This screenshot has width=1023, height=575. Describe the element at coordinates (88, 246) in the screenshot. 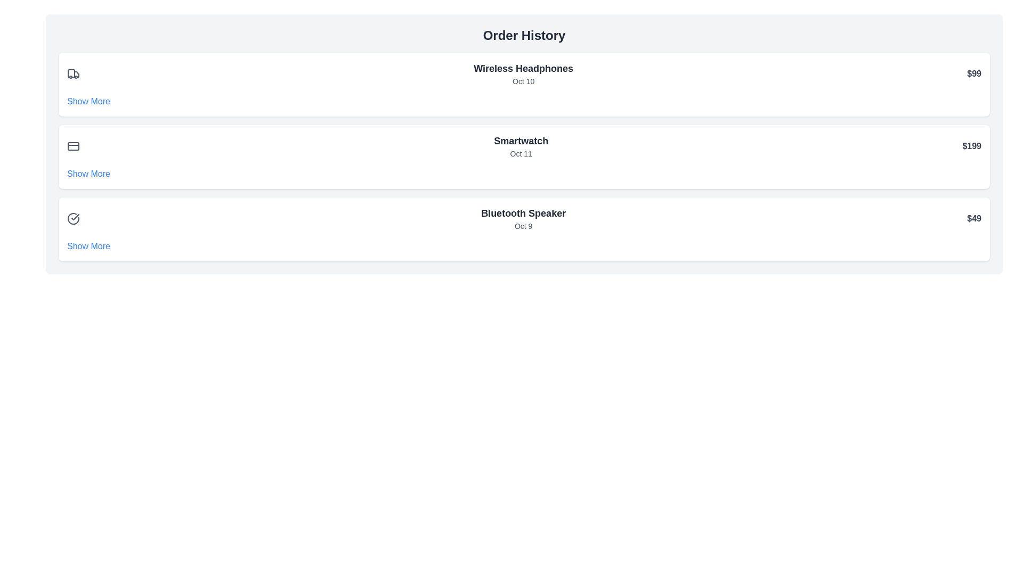

I see `the 'Show More' hyperlink located at the bottom of the product card for the 'Bluetooth Speaker'` at that location.